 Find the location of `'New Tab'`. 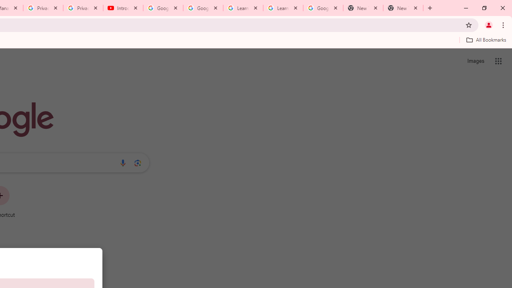

'New Tab' is located at coordinates (403, 8).